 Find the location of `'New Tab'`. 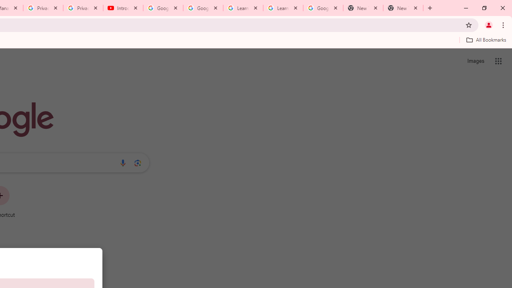

'New Tab' is located at coordinates (403, 8).